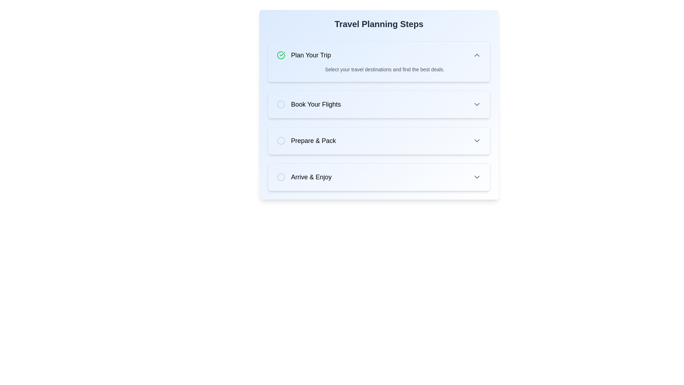  I want to click on the upward-pointing chevron icon located at the far right of the 'Plan Your Trip' row, so click(477, 55).